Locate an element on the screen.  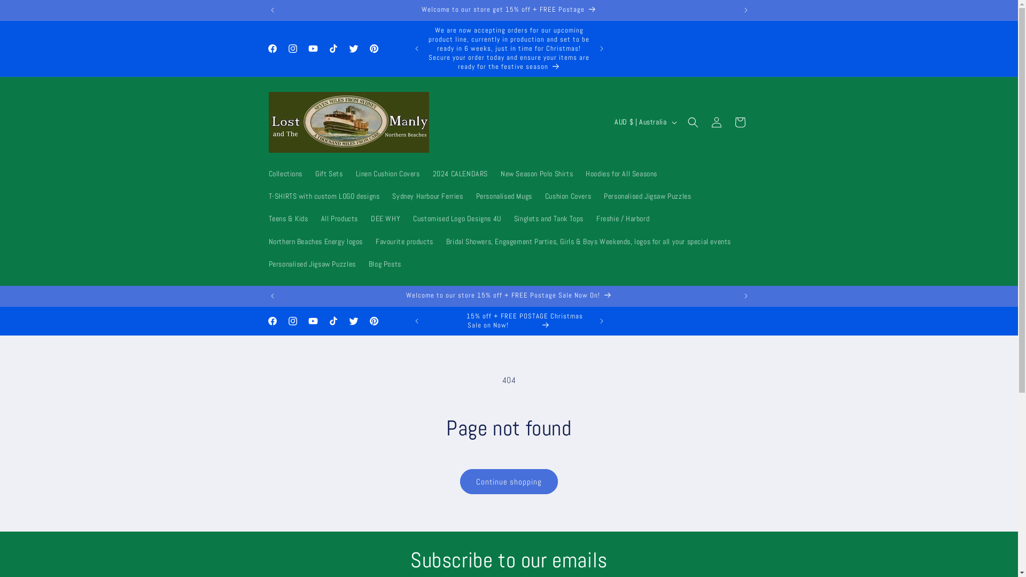
'Gift Sets' is located at coordinates (328, 173).